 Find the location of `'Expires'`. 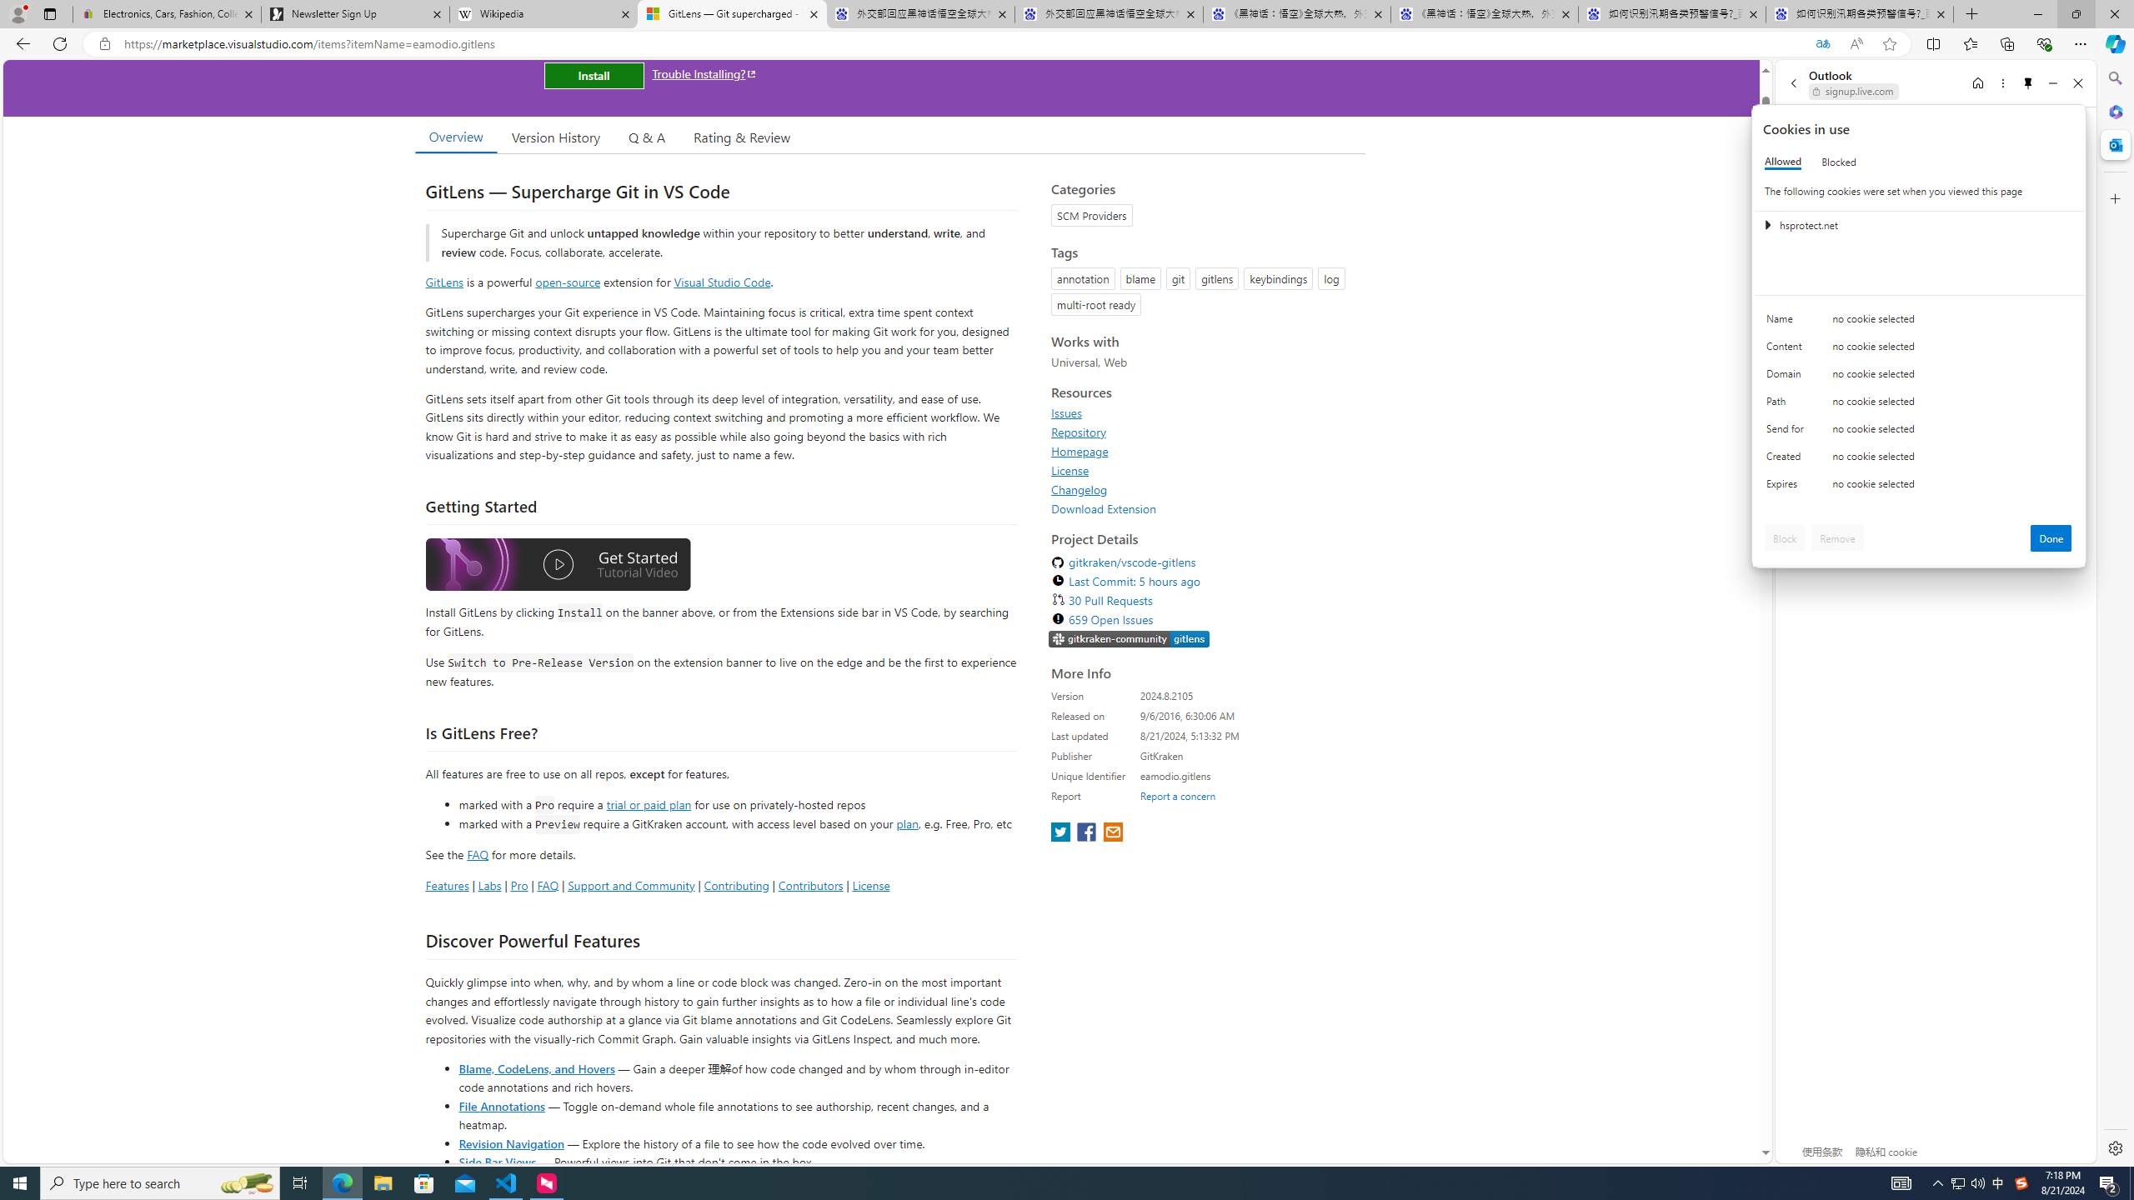

'Expires' is located at coordinates (1787, 487).